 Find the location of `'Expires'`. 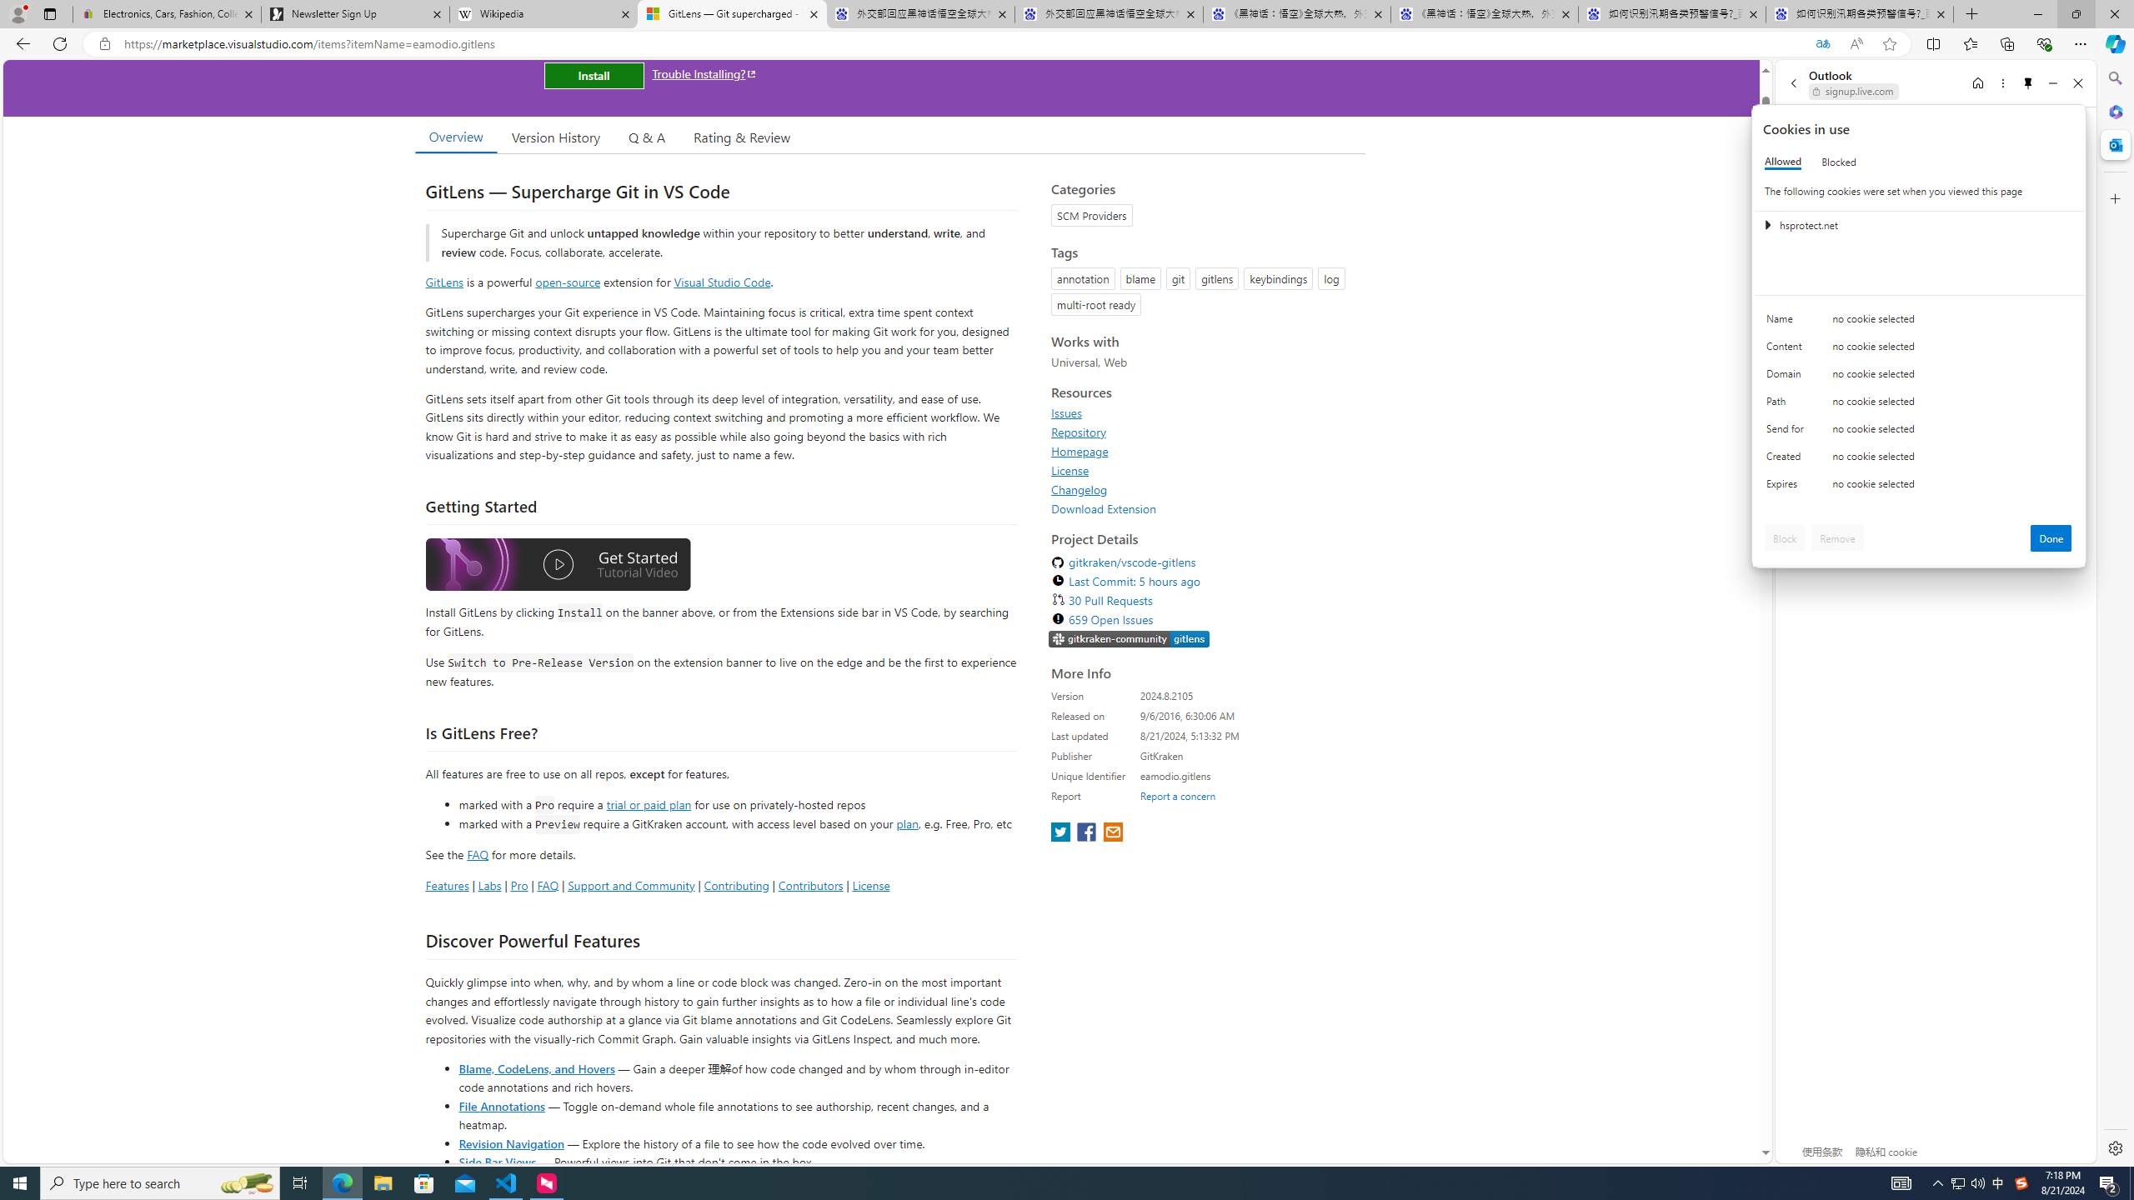

'Expires' is located at coordinates (1787, 487).